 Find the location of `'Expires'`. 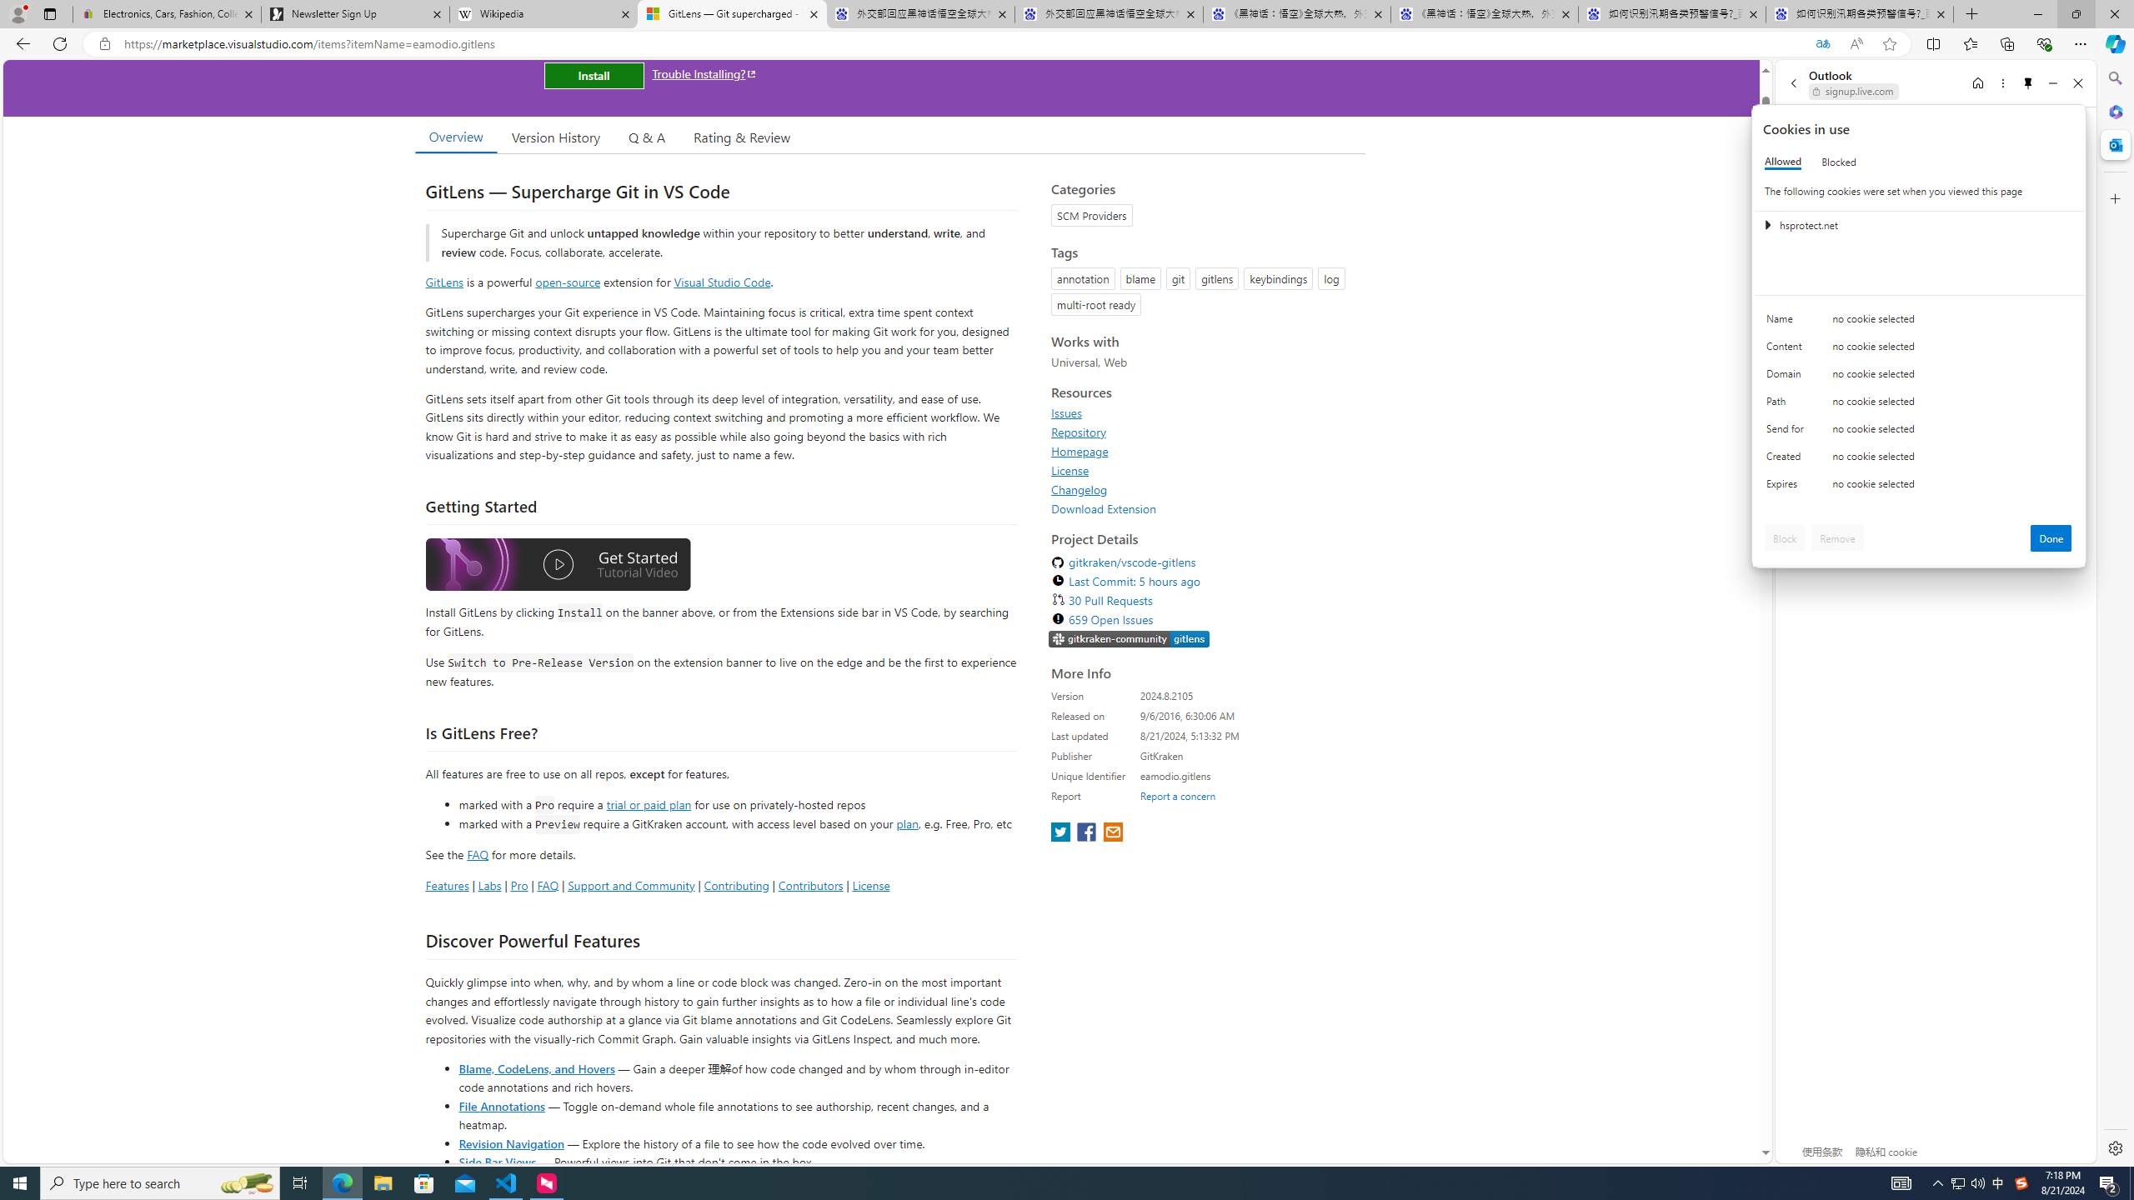

'Expires' is located at coordinates (1787, 487).